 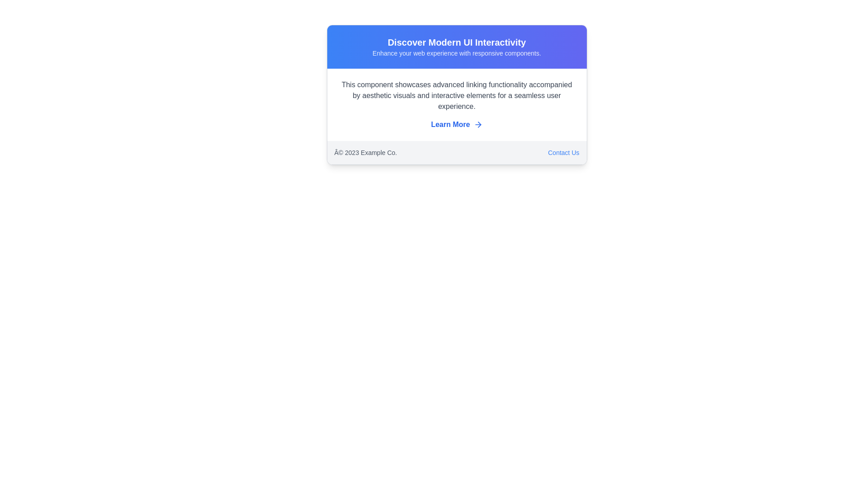 What do you see at coordinates (457, 152) in the screenshot?
I see `the styling of the footer bar that contains a copyright notice and a 'Contact Us' link, located at the bottom of the card component` at bounding box center [457, 152].